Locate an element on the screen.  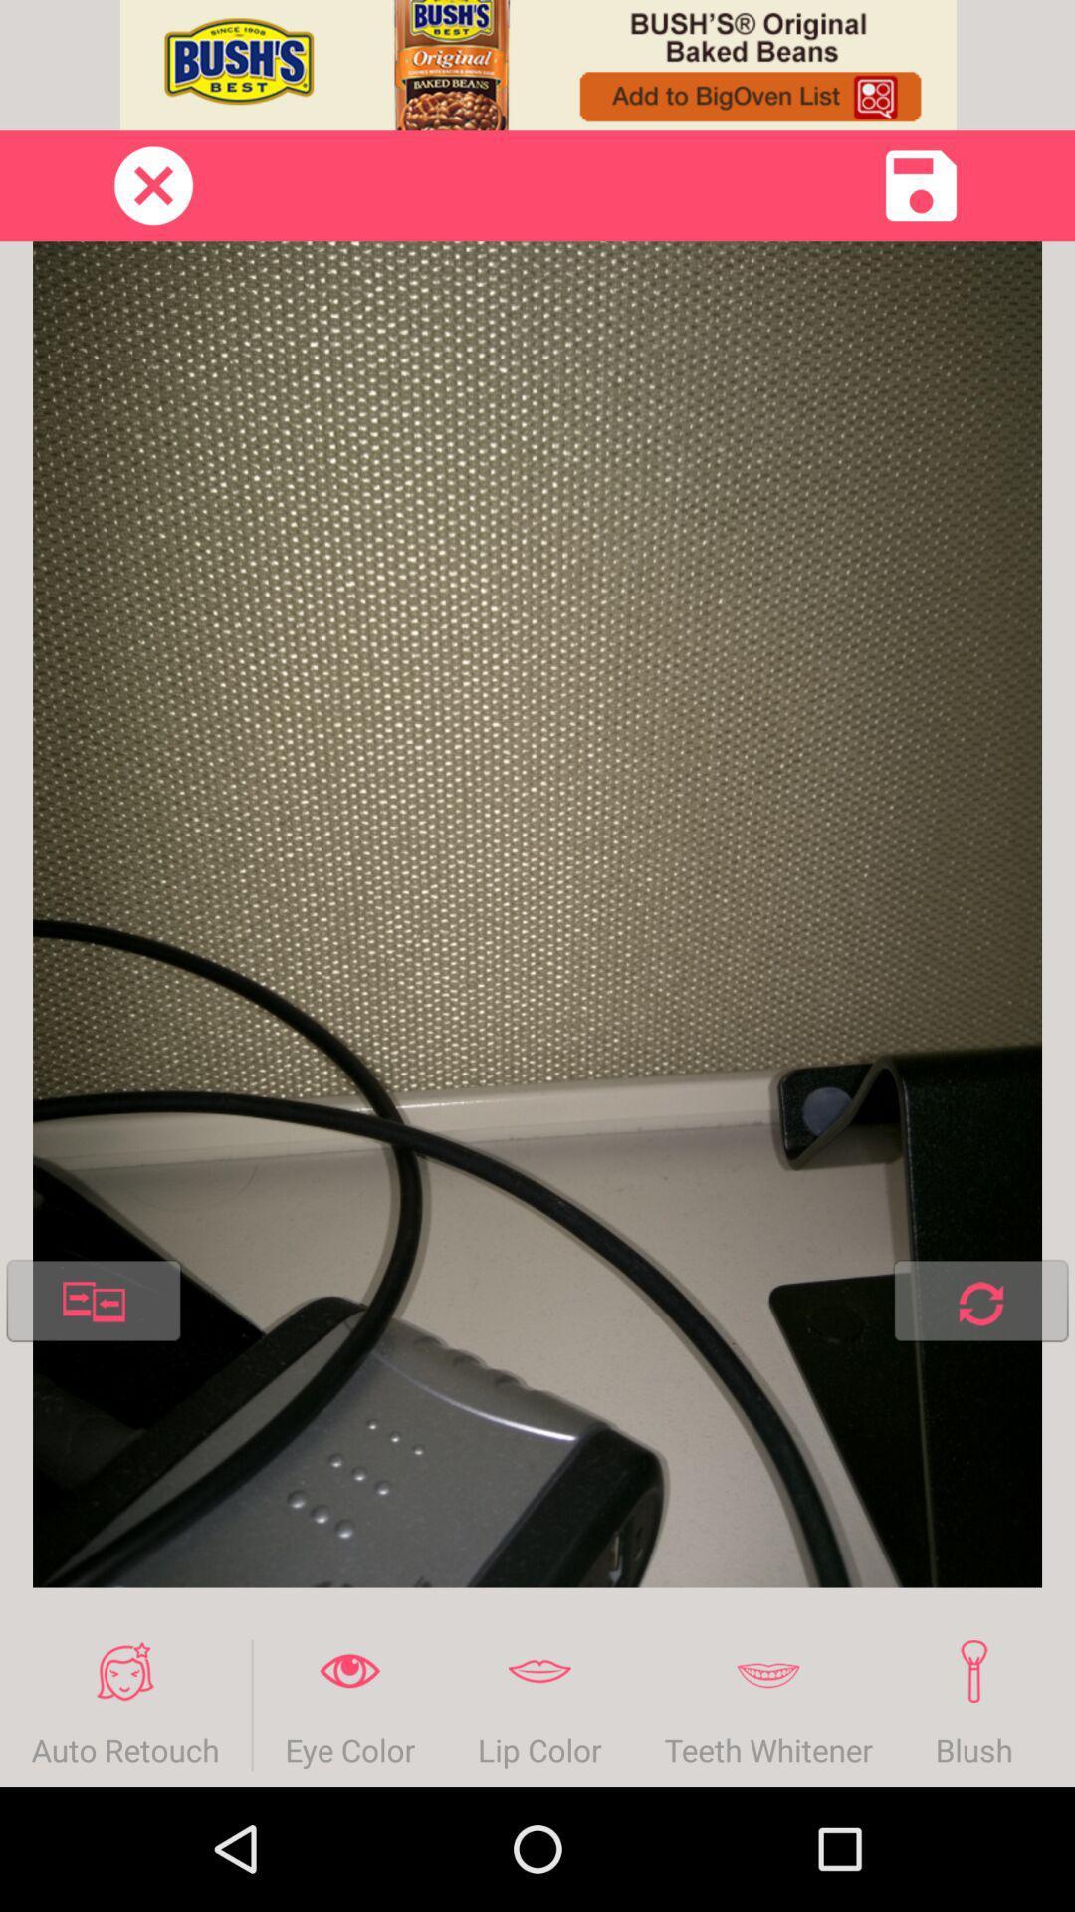
reset icon is located at coordinates (979, 1305).